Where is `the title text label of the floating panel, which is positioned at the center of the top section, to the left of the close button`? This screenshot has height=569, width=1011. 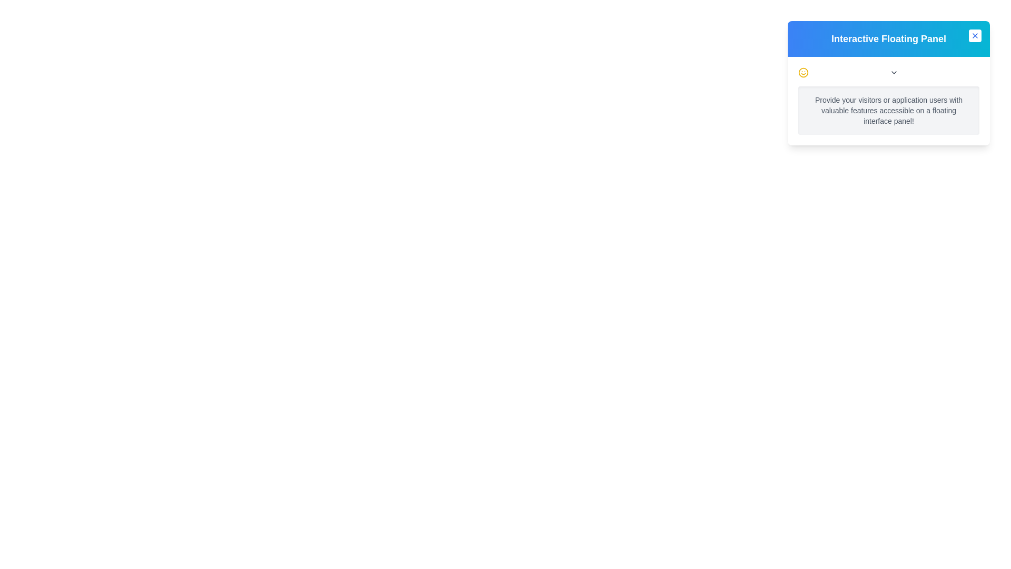 the title text label of the floating panel, which is positioned at the center of the top section, to the left of the close button is located at coordinates (888, 38).